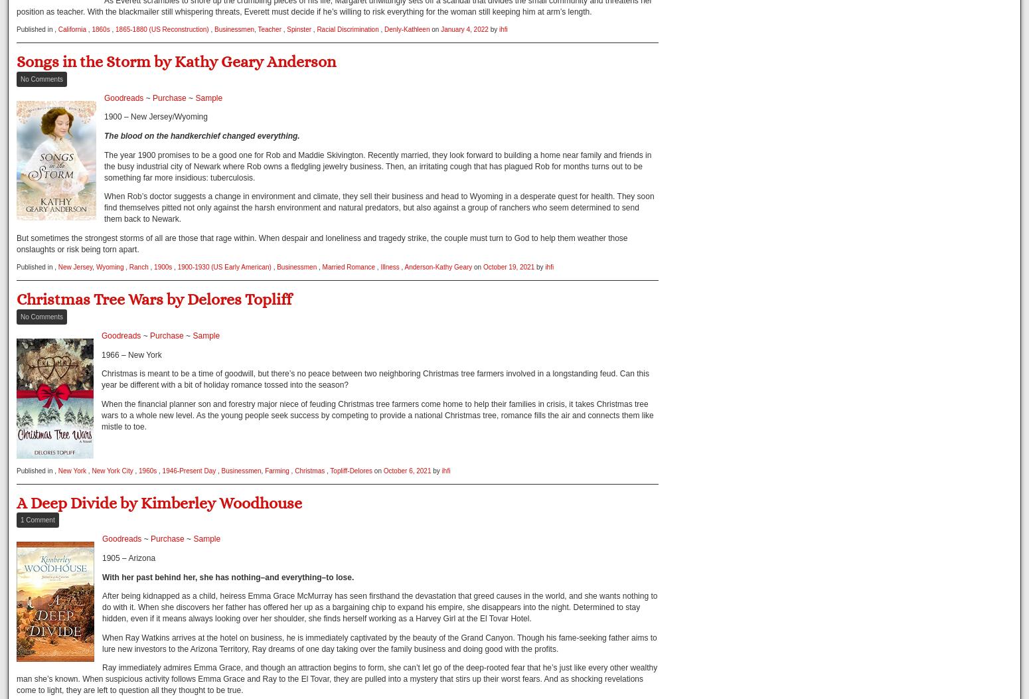 This screenshot has width=1029, height=699. What do you see at coordinates (389, 267) in the screenshot?
I see `'Illness'` at bounding box center [389, 267].